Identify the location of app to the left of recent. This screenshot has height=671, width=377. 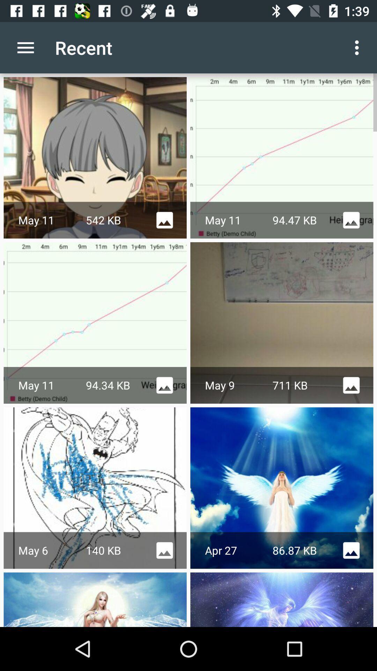
(25, 47).